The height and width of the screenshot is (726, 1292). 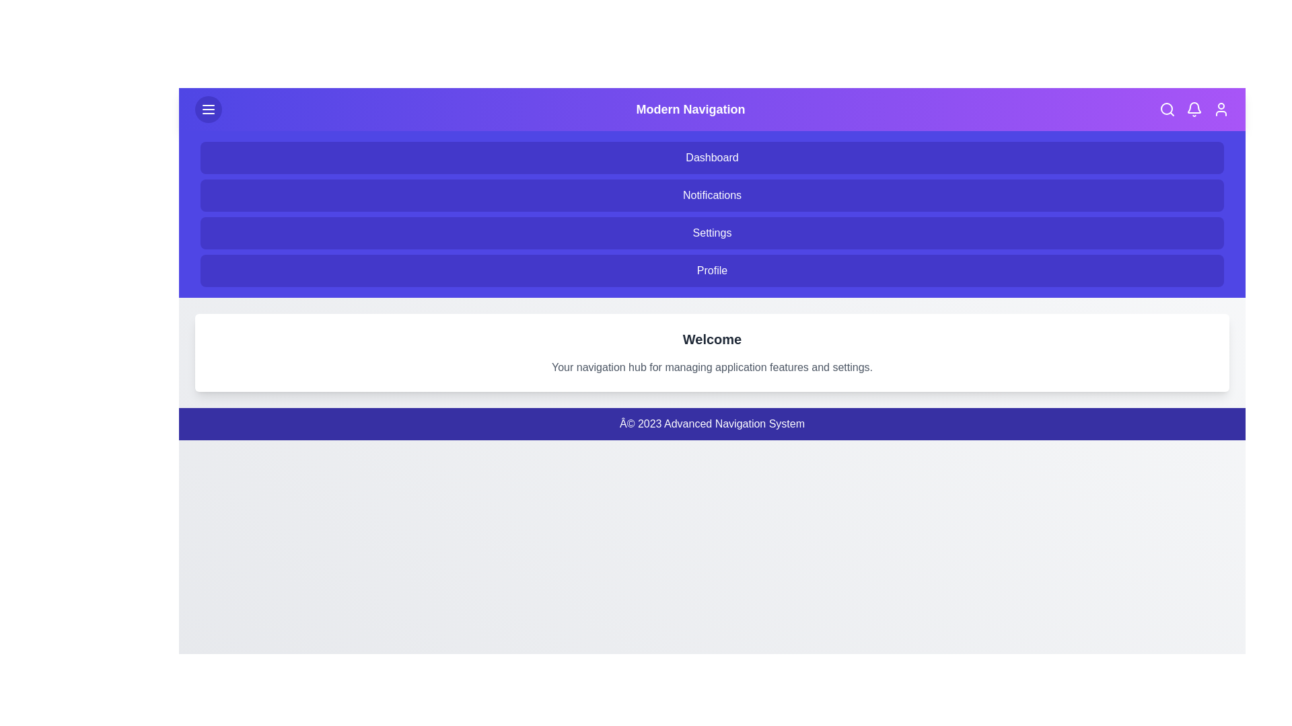 What do you see at coordinates (711, 195) in the screenshot?
I see `the 'Notifications' menu item` at bounding box center [711, 195].